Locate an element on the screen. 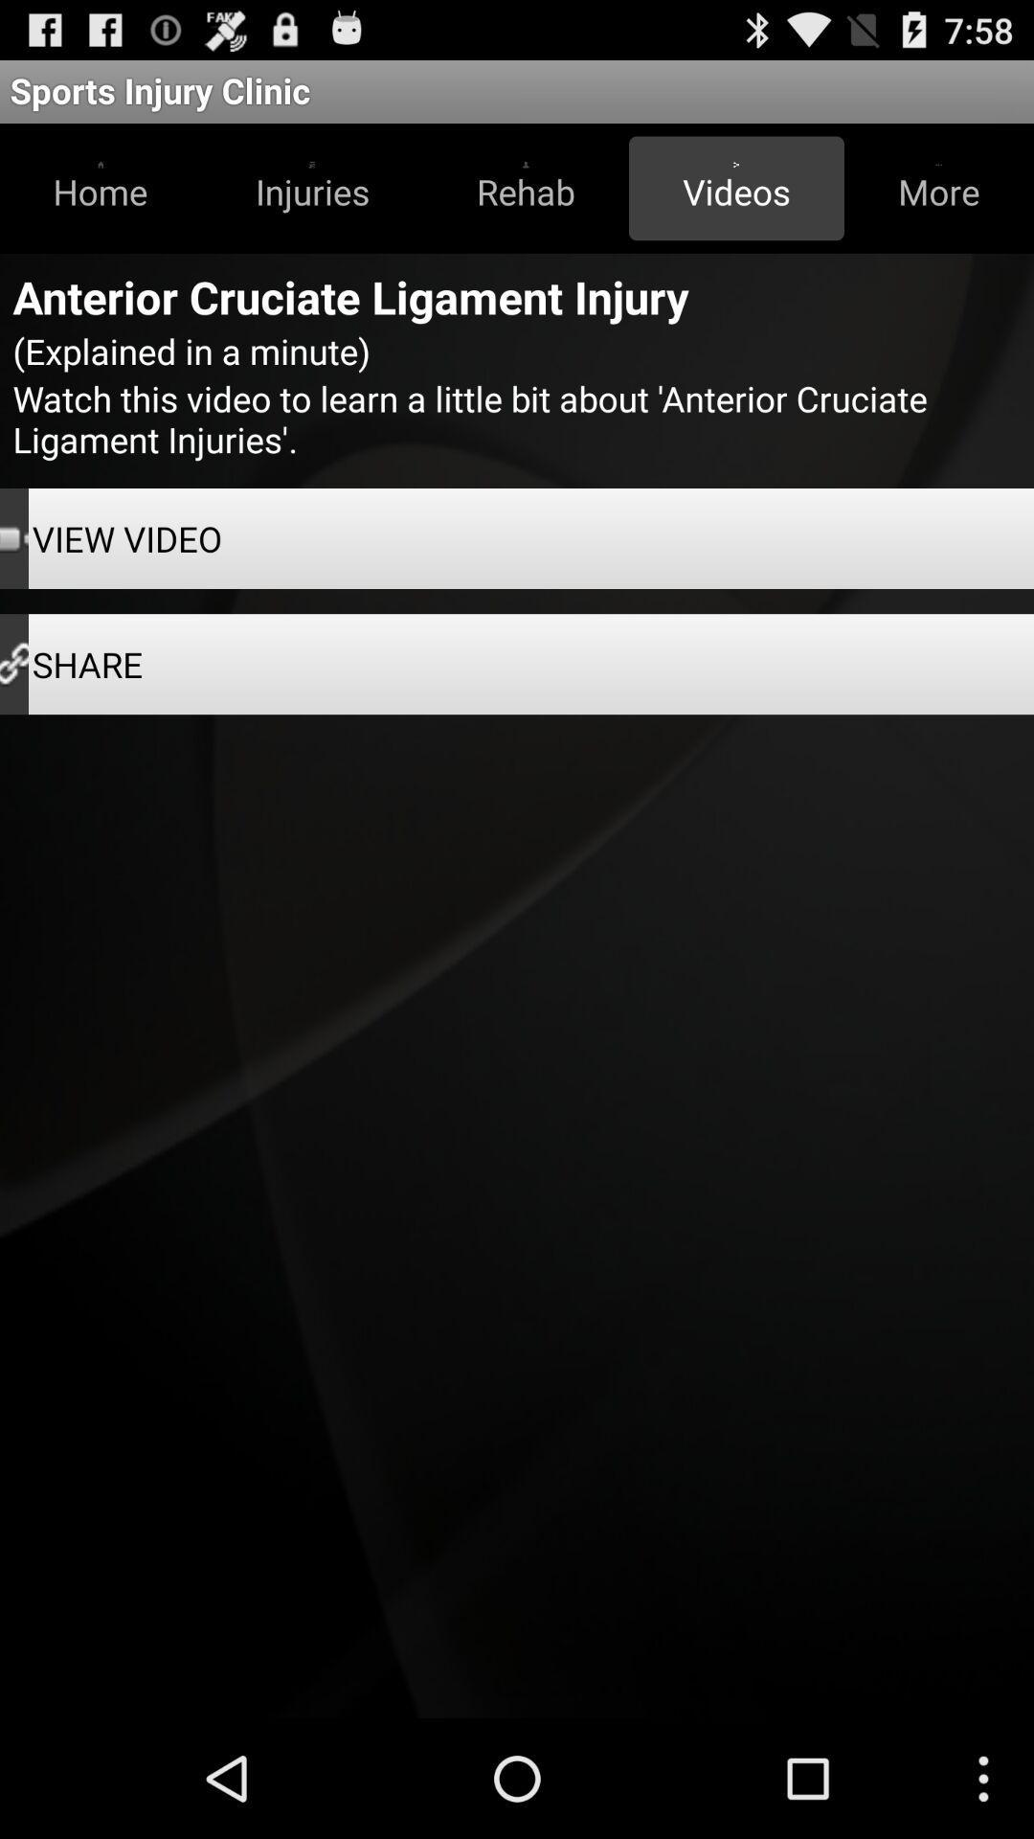  home is located at coordinates (101, 188).